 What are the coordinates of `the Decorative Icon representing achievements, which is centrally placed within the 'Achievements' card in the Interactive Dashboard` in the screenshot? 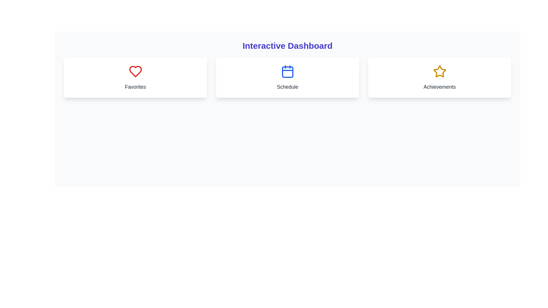 It's located at (439, 71).